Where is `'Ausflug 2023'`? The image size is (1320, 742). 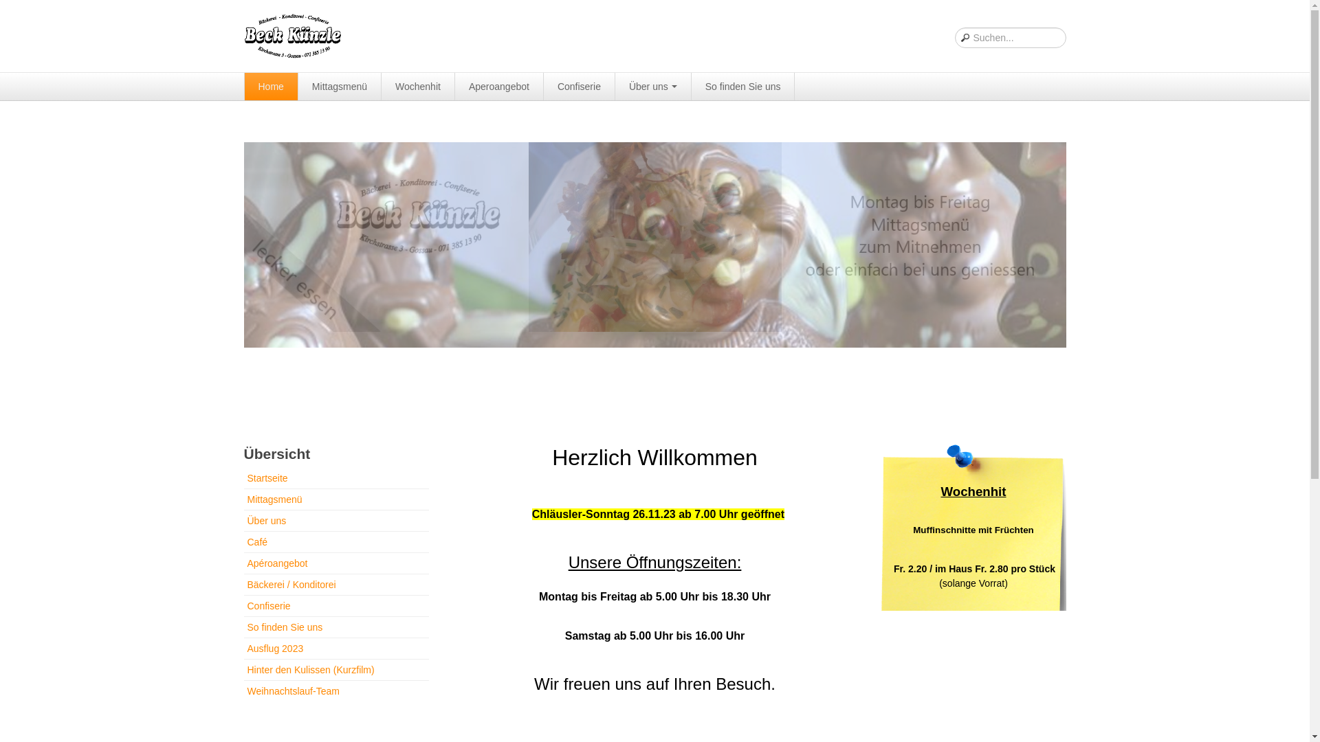
'Ausflug 2023' is located at coordinates (335, 649).